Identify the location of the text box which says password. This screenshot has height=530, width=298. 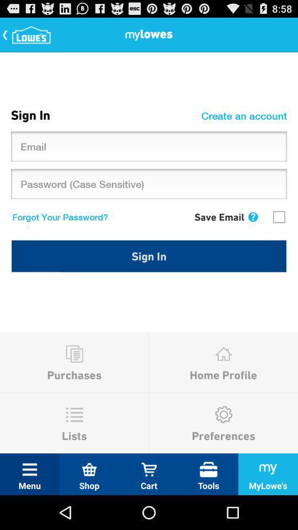
(149, 184).